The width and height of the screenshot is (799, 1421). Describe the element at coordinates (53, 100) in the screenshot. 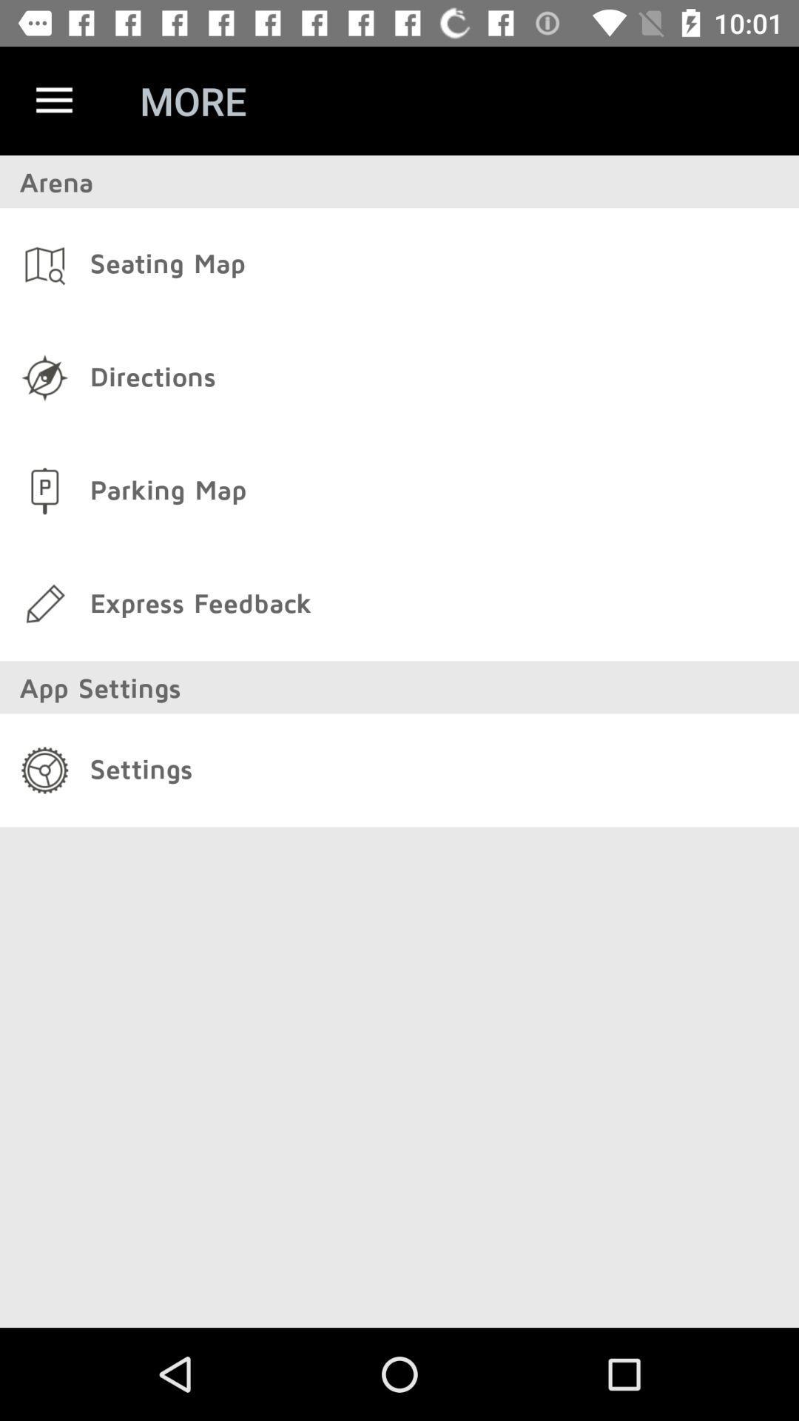

I see `the item next to more icon` at that location.